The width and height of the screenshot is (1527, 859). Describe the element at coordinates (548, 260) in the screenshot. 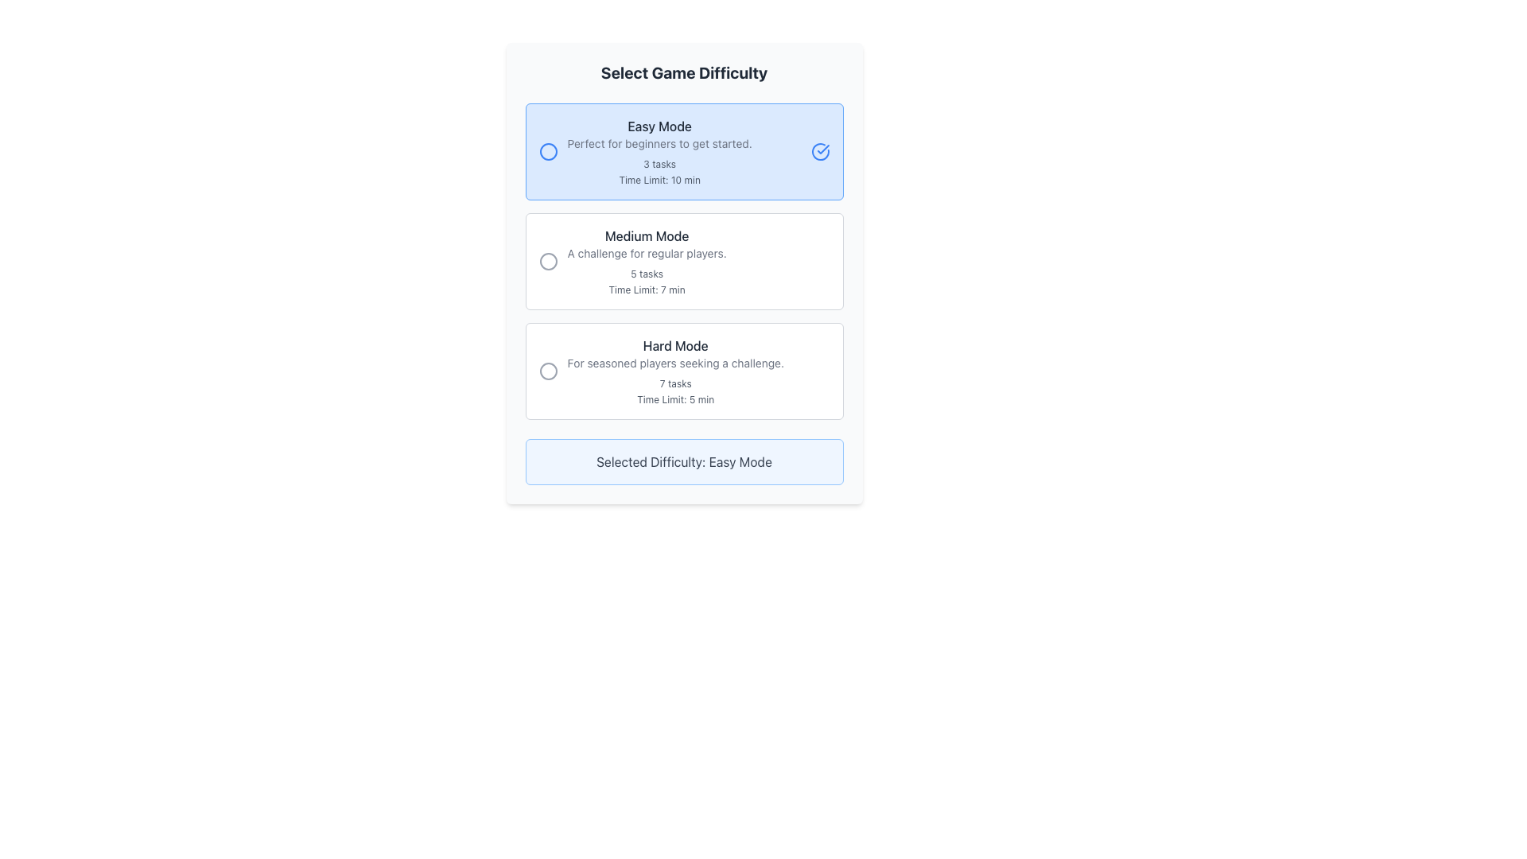

I see `the circular radio button with a dashed border and light gray color that indicates medium mode difficulty, positioned between Easy Mode and Hard Mode` at that location.